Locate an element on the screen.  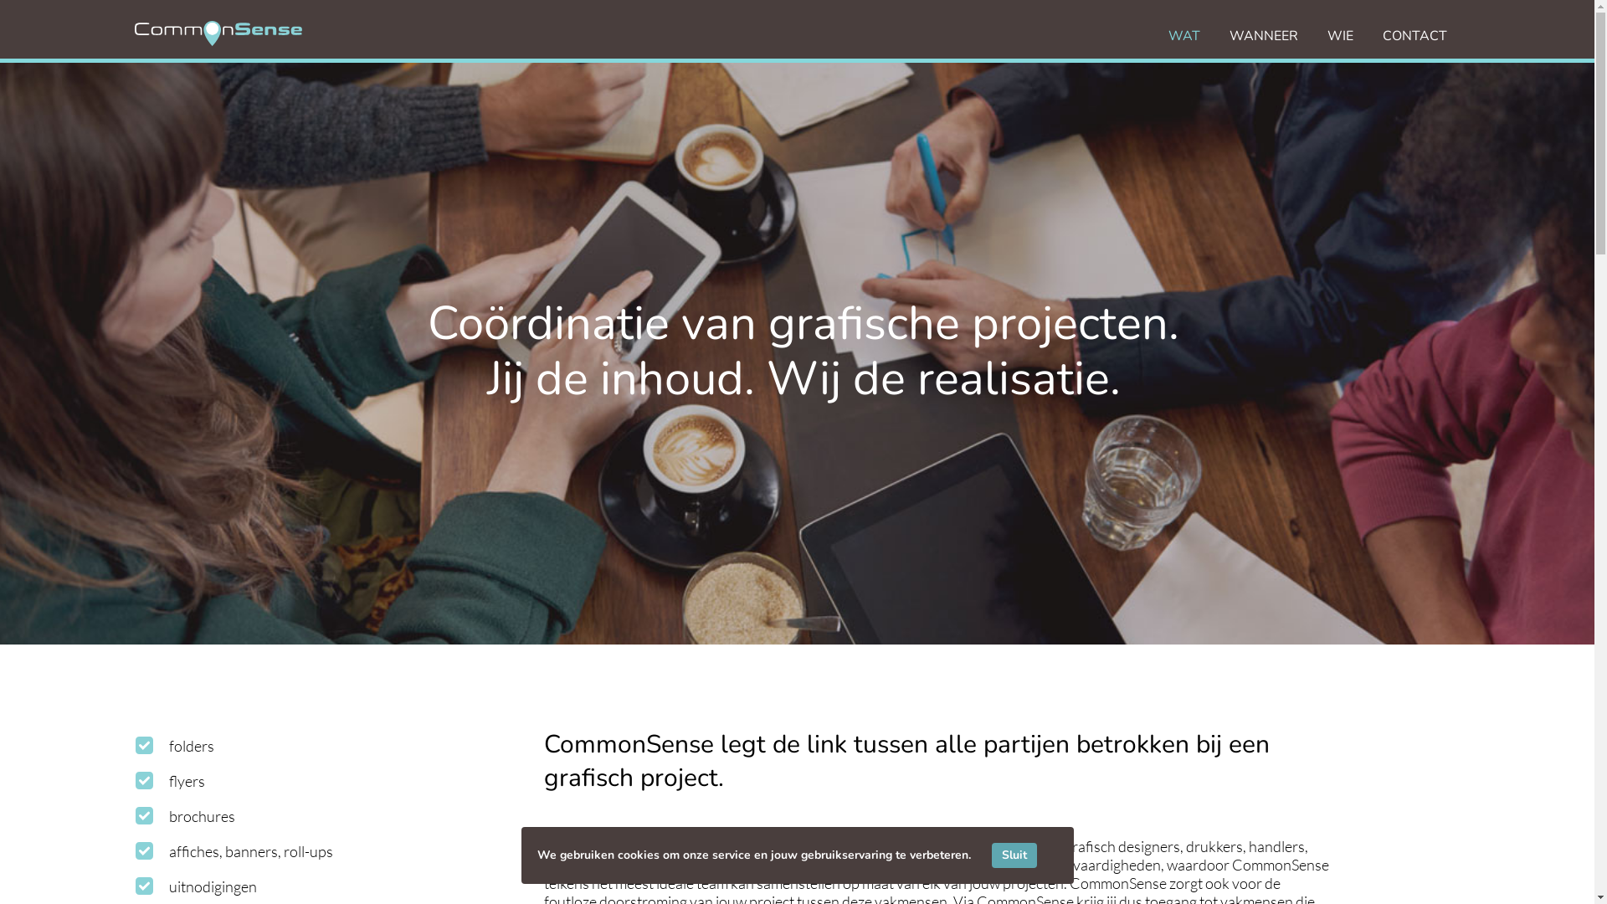
'WAT' is located at coordinates (1168, 35).